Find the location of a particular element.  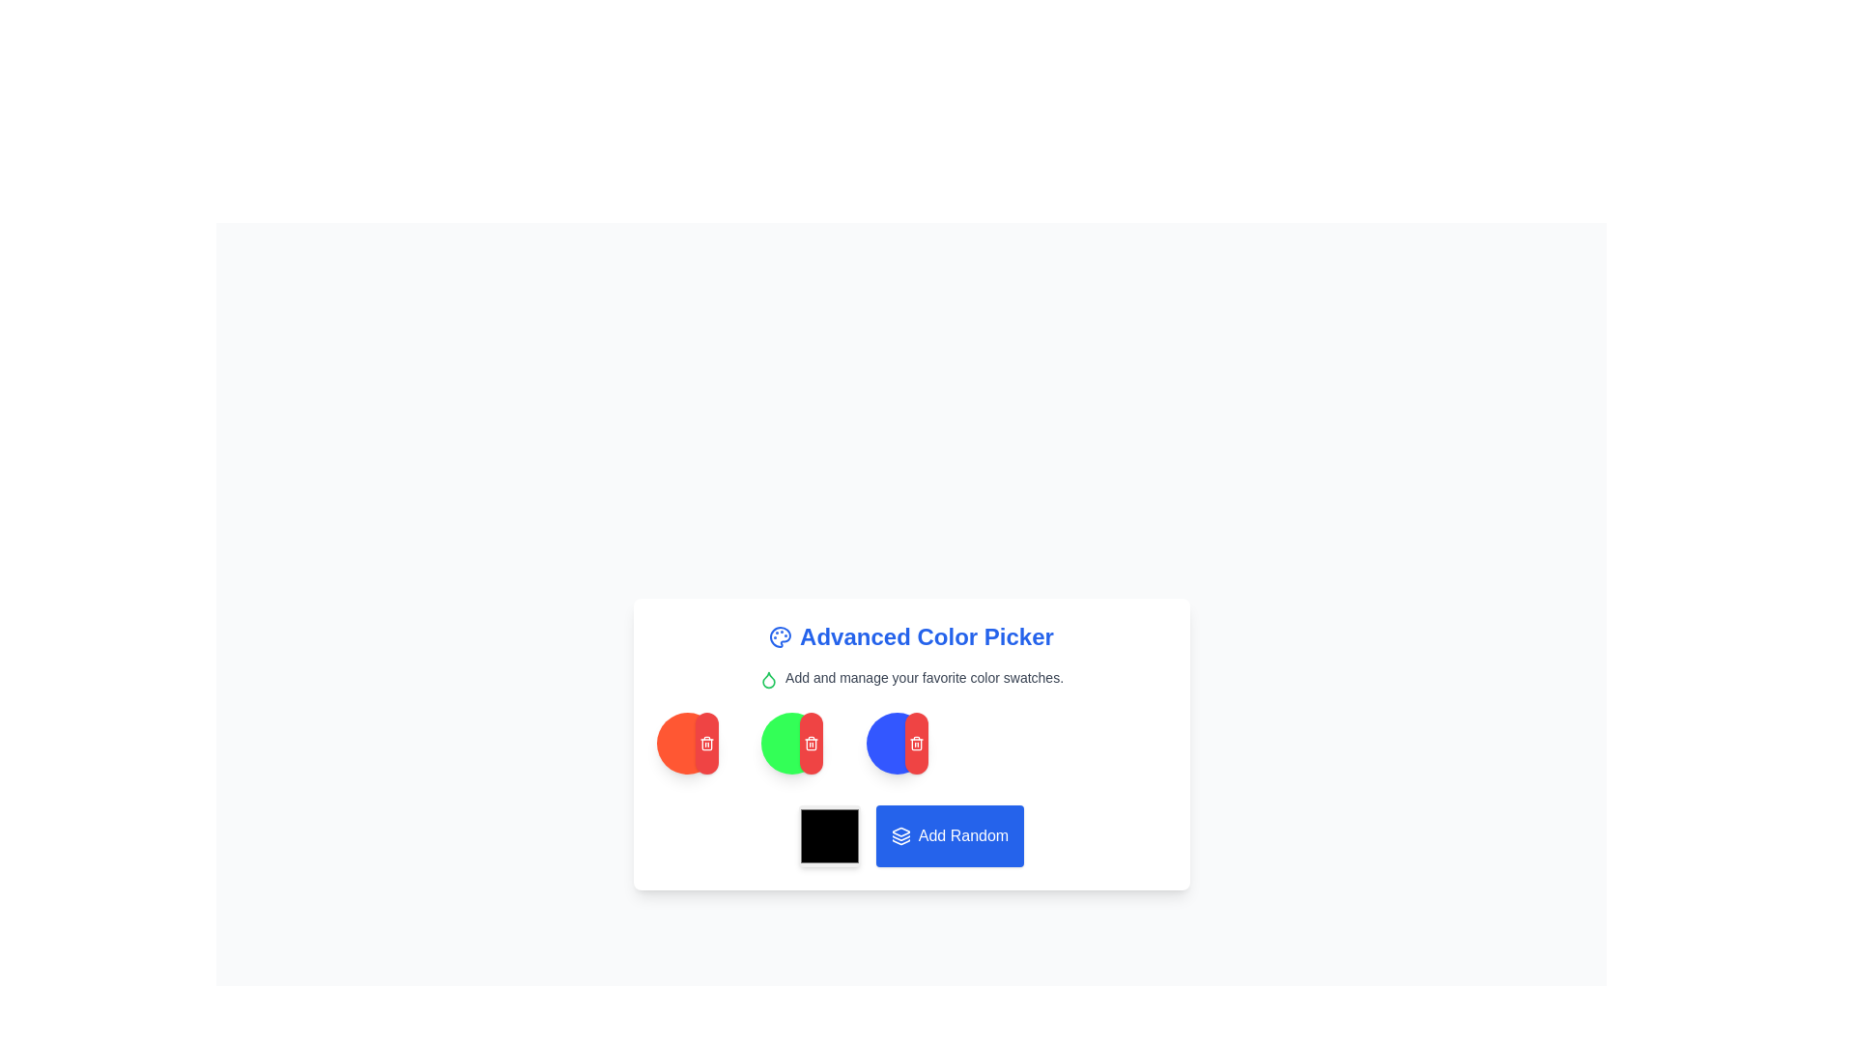

the delete icon within the second red circular button located to the right of the color swatches is located at coordinates (916, 742).